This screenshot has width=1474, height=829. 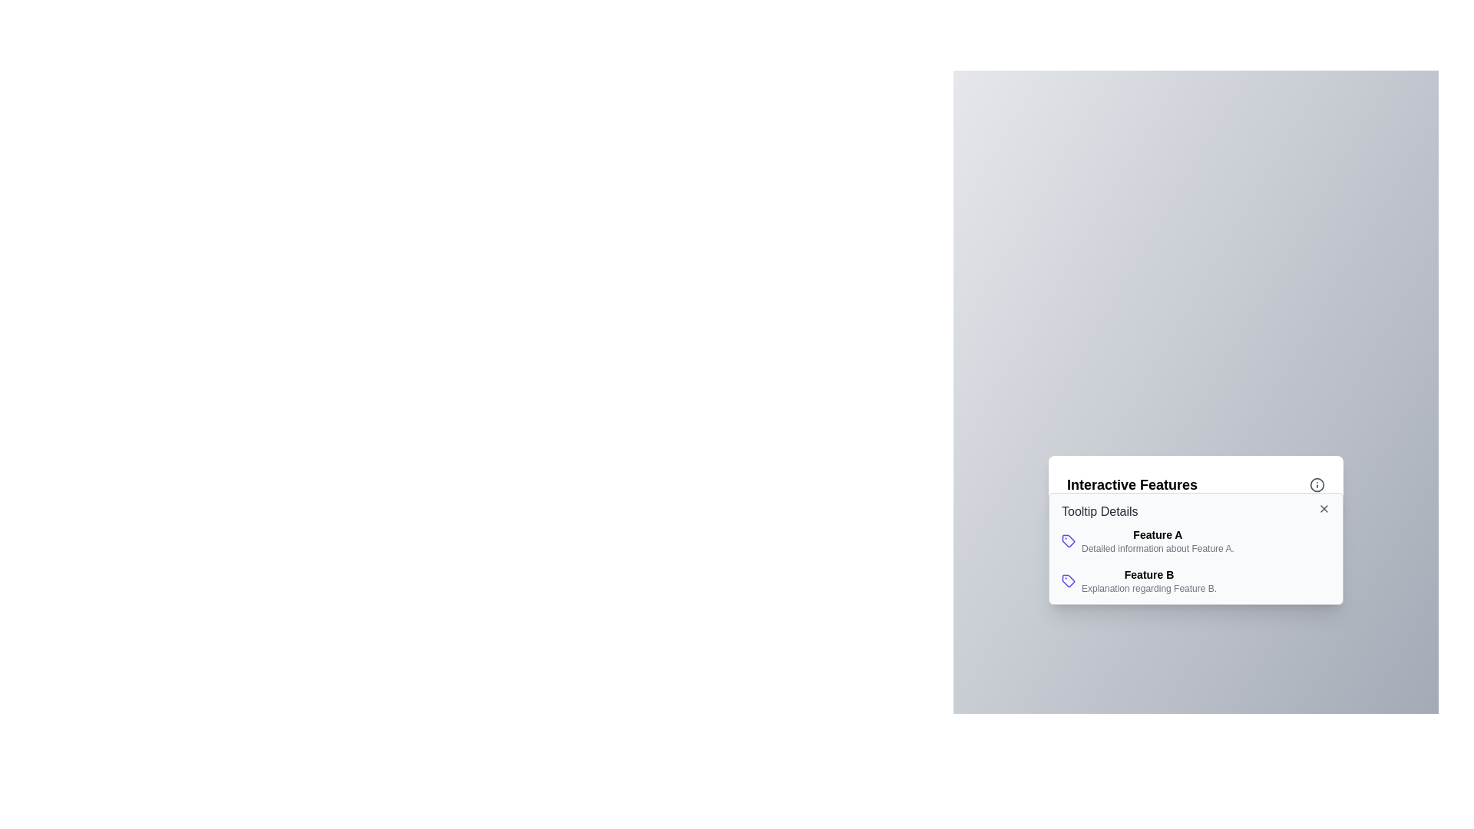 I want to click on circular graphical element that is part of the 'info' icon located in the top-right corner of the tooltip box, so click(x=1317, y=485).